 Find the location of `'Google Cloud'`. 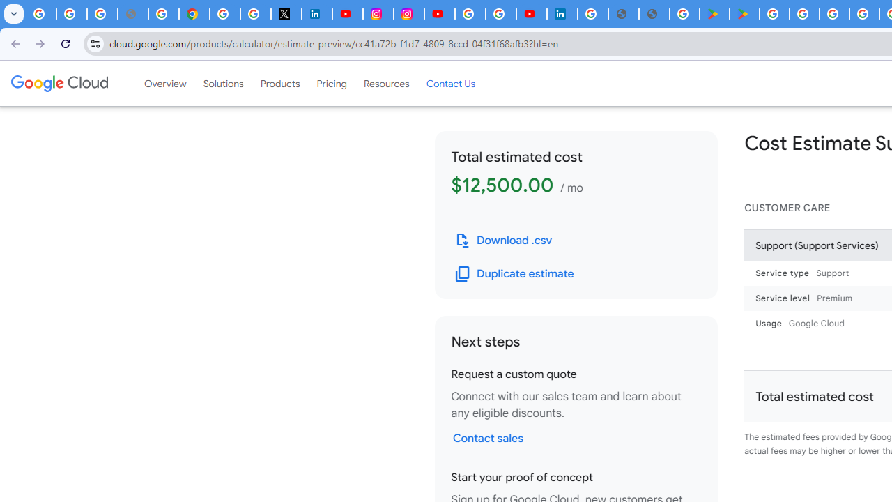

'Google Cloud' is located at coordinates (59, 83).